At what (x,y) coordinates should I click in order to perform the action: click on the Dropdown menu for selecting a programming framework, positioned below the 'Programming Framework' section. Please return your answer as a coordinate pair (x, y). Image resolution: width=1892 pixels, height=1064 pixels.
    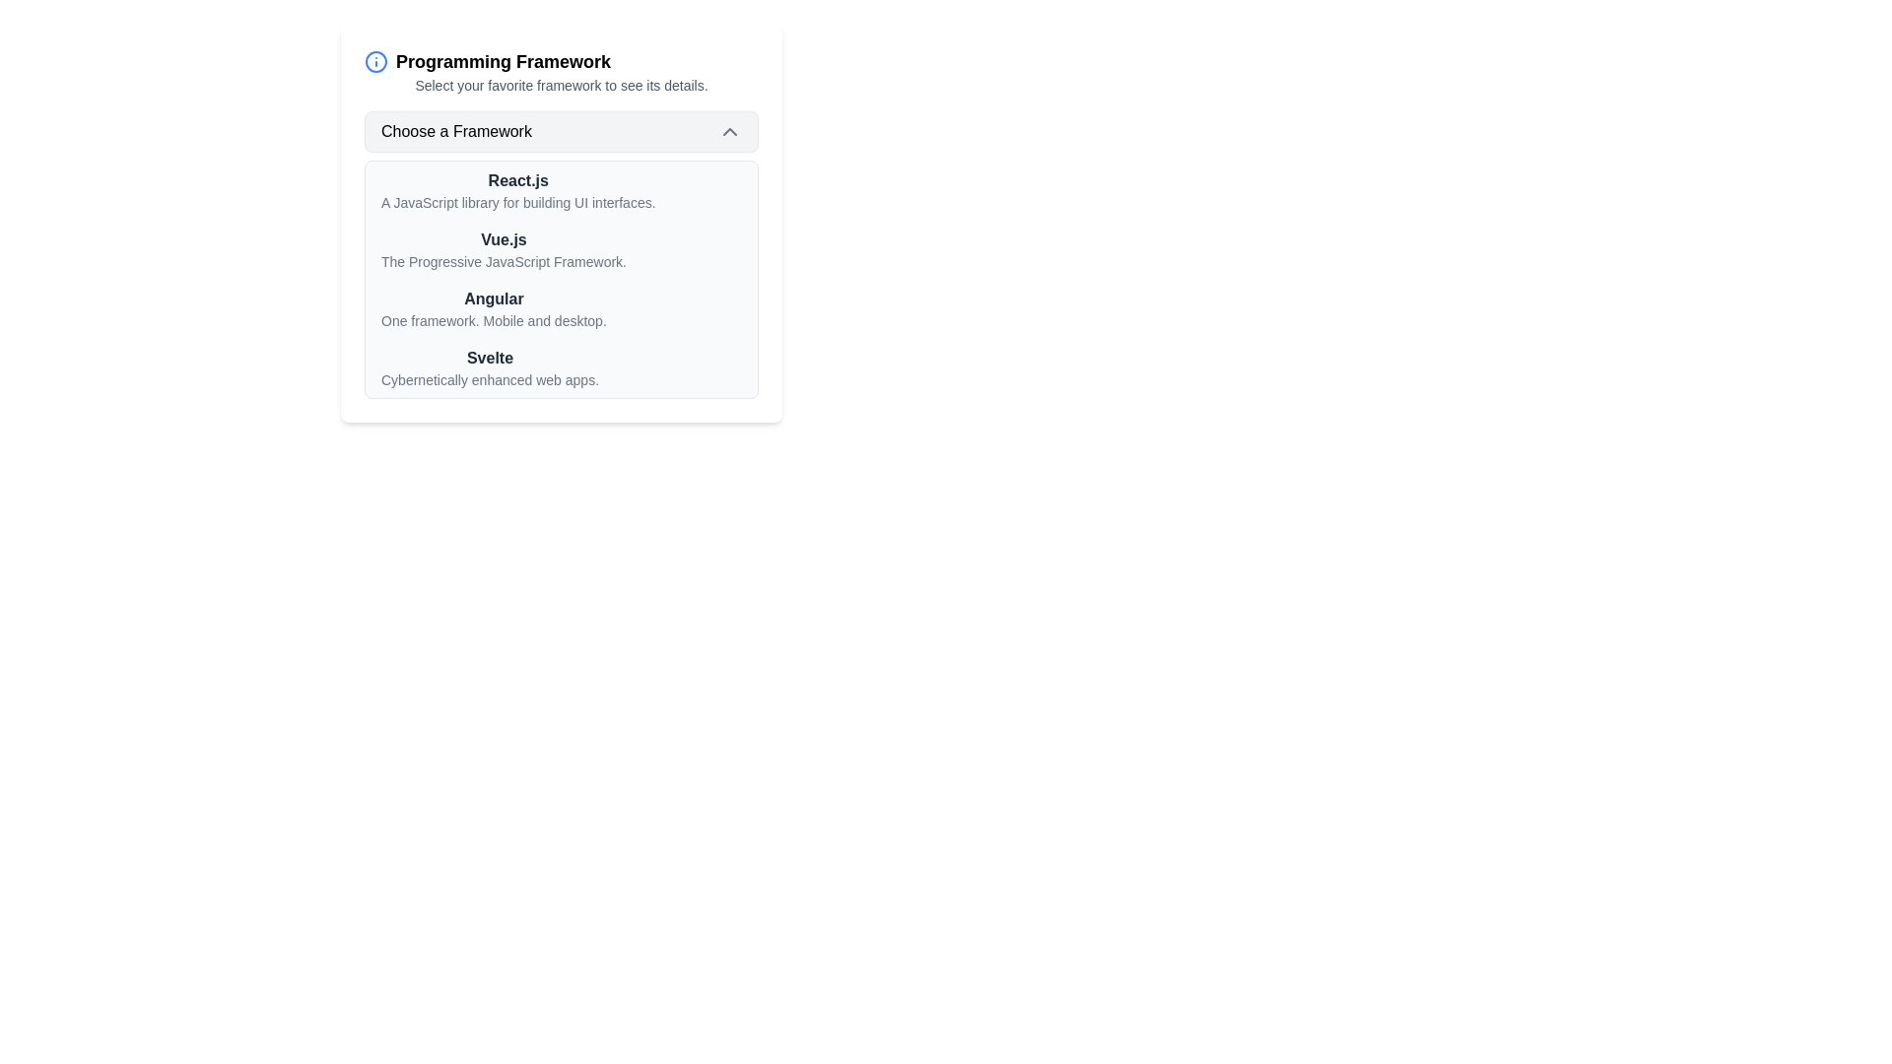
    Looking at the image, I should click on (561, 253).